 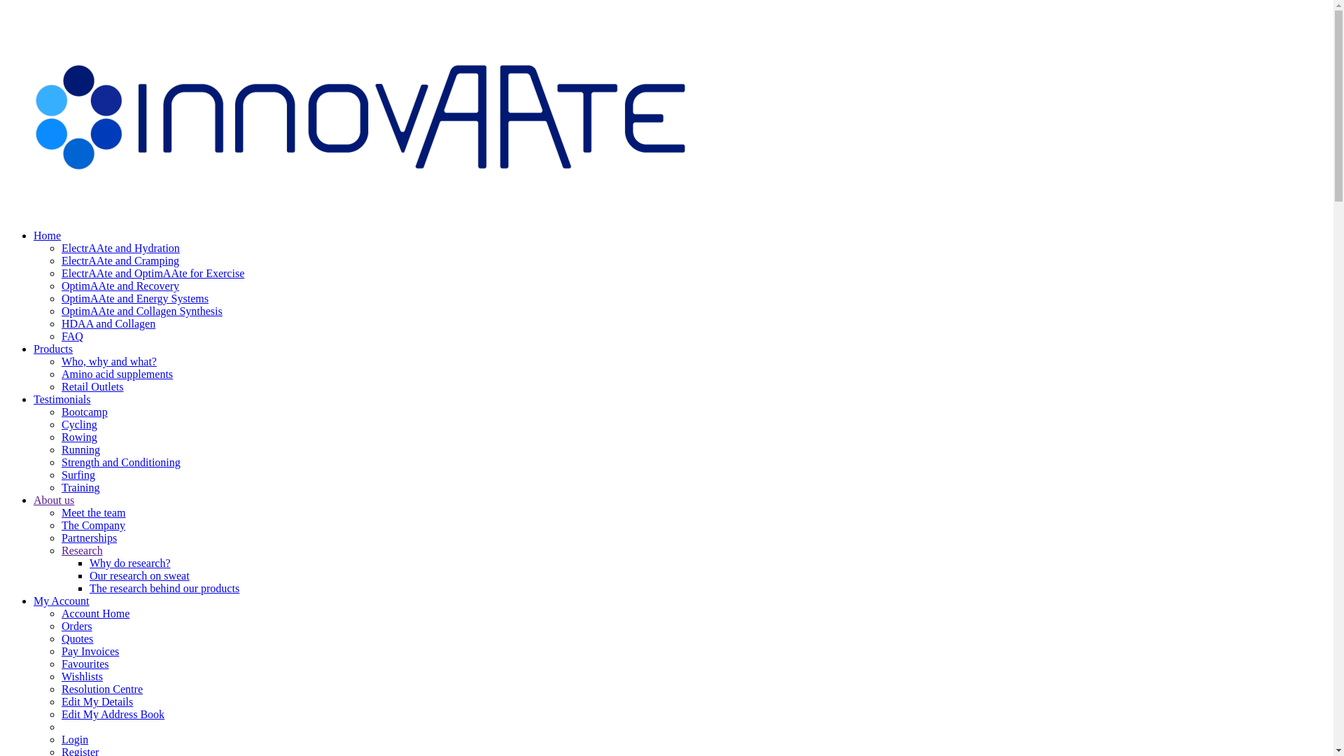 What do you see at coordinates (91, 386) in the screenshot?
I see `'Retail Outlets'` at bounding box center [91, 386].